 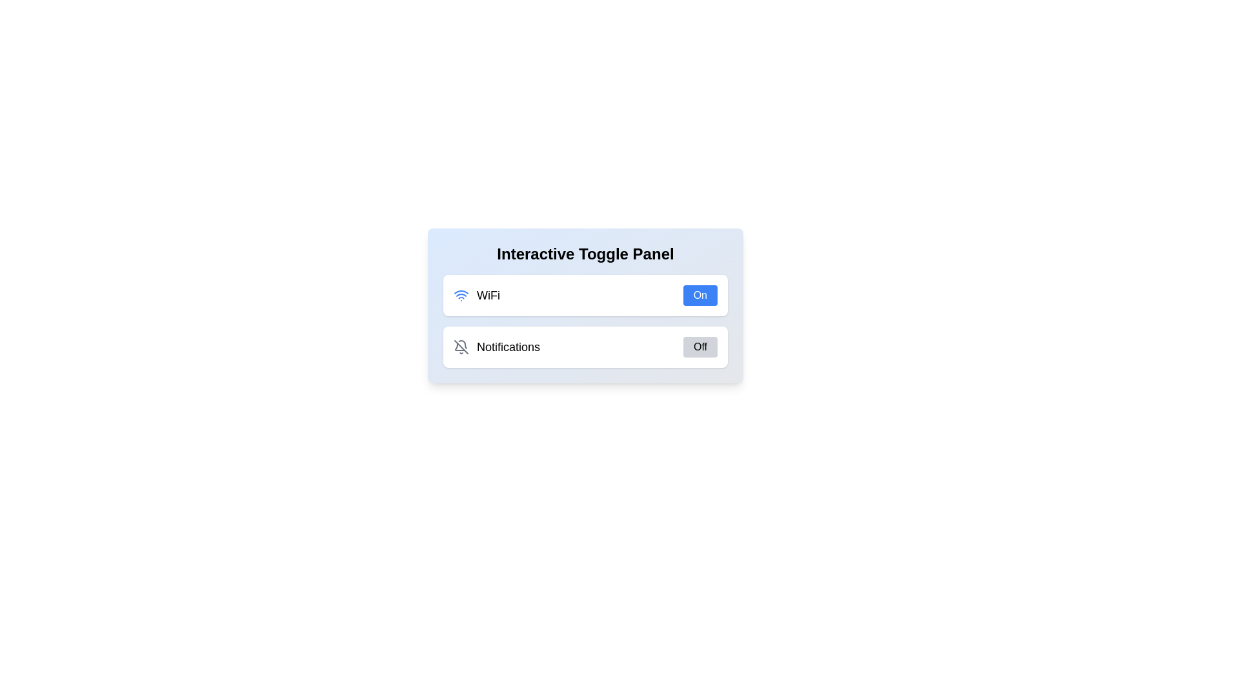 I want to click on the 'Off' button next to the Notifications label to toggle it, so click(x=699, y=346).